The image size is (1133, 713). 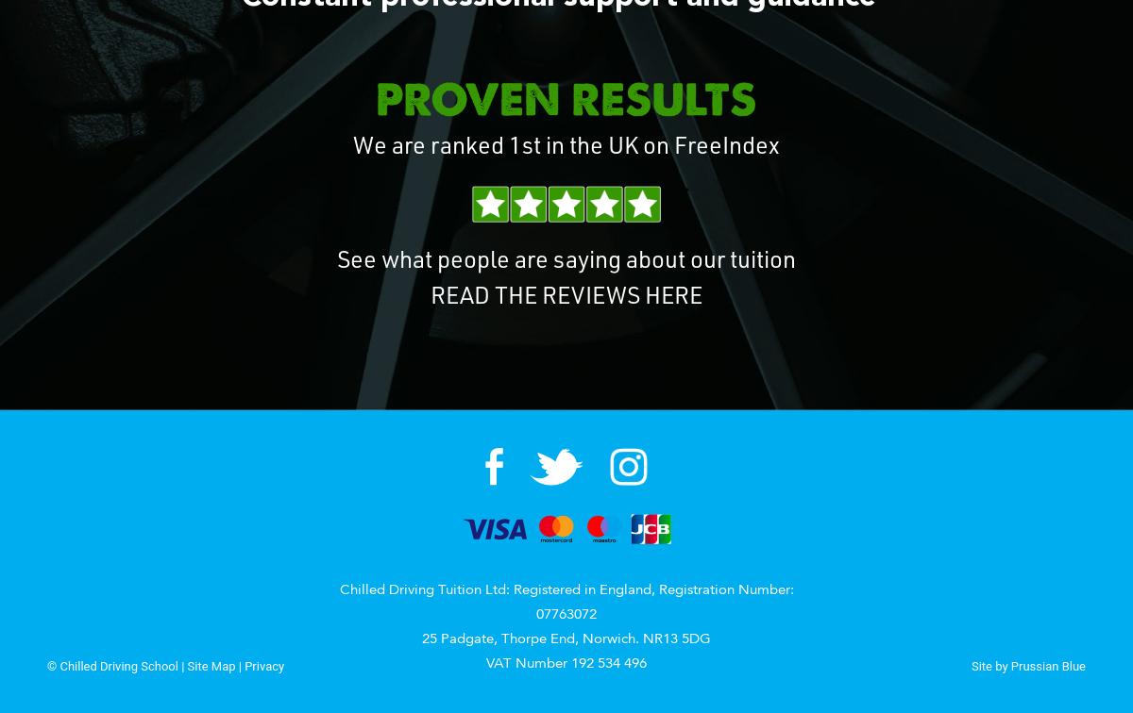 I want to click on 'Chilled Driving Tuition Ltd: Registered in England, Registration Number: 07763072', so click(x=565, y=601).